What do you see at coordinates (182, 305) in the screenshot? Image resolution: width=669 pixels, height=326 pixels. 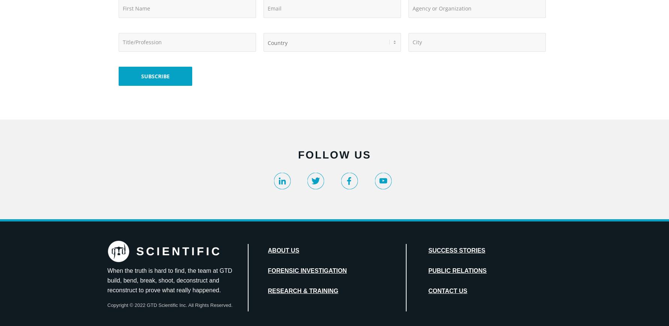 I see `'2022 GTD Scientific Inc. All Rights Reserved.'` at bounding box center [182, 305].